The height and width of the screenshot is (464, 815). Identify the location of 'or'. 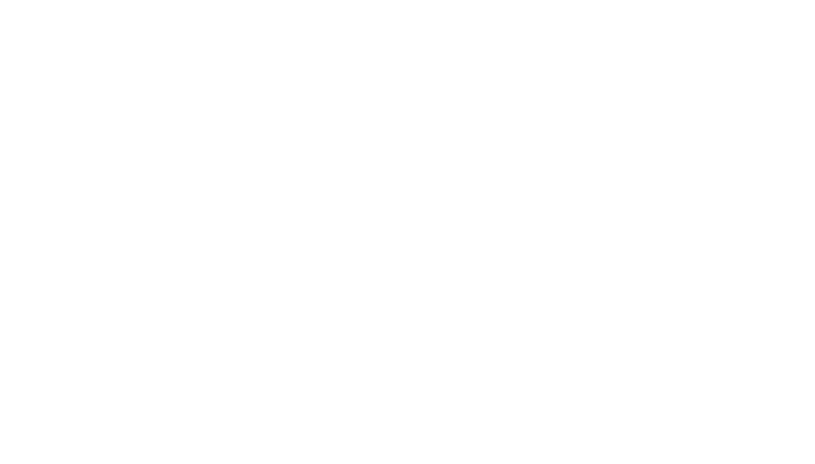
(237, 414).